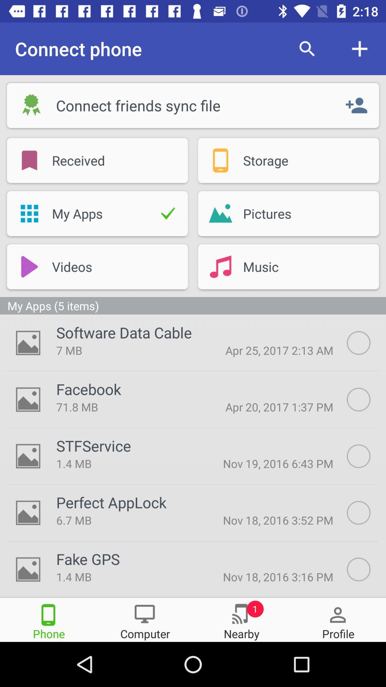  Describe the element at coordinates (297, 266) in the screenshot. I see `music item` at that location.